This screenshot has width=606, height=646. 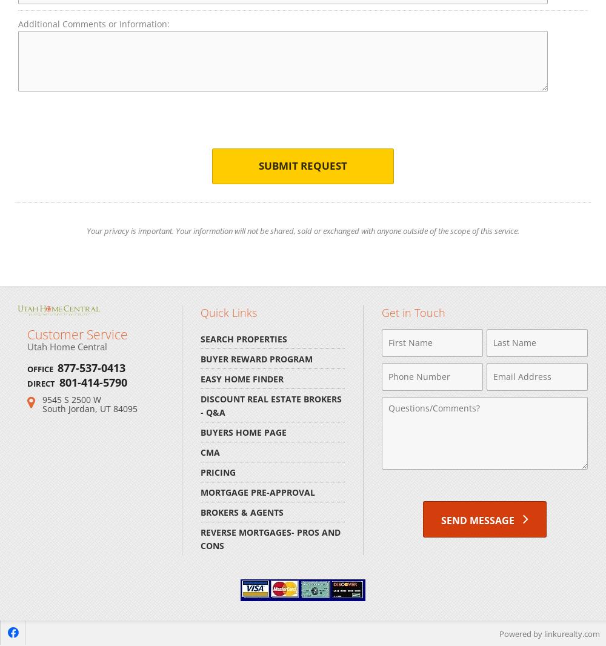 I want to click on 'Additional Comments or Information:', so click(x=18, y=22).